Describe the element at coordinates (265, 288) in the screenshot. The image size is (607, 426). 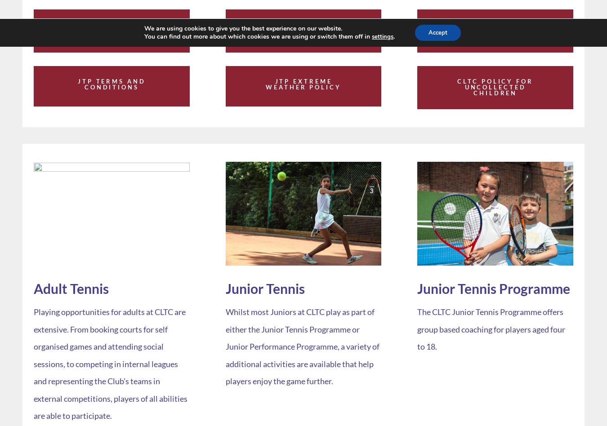
I see `'Junior Tennis'` at that location.